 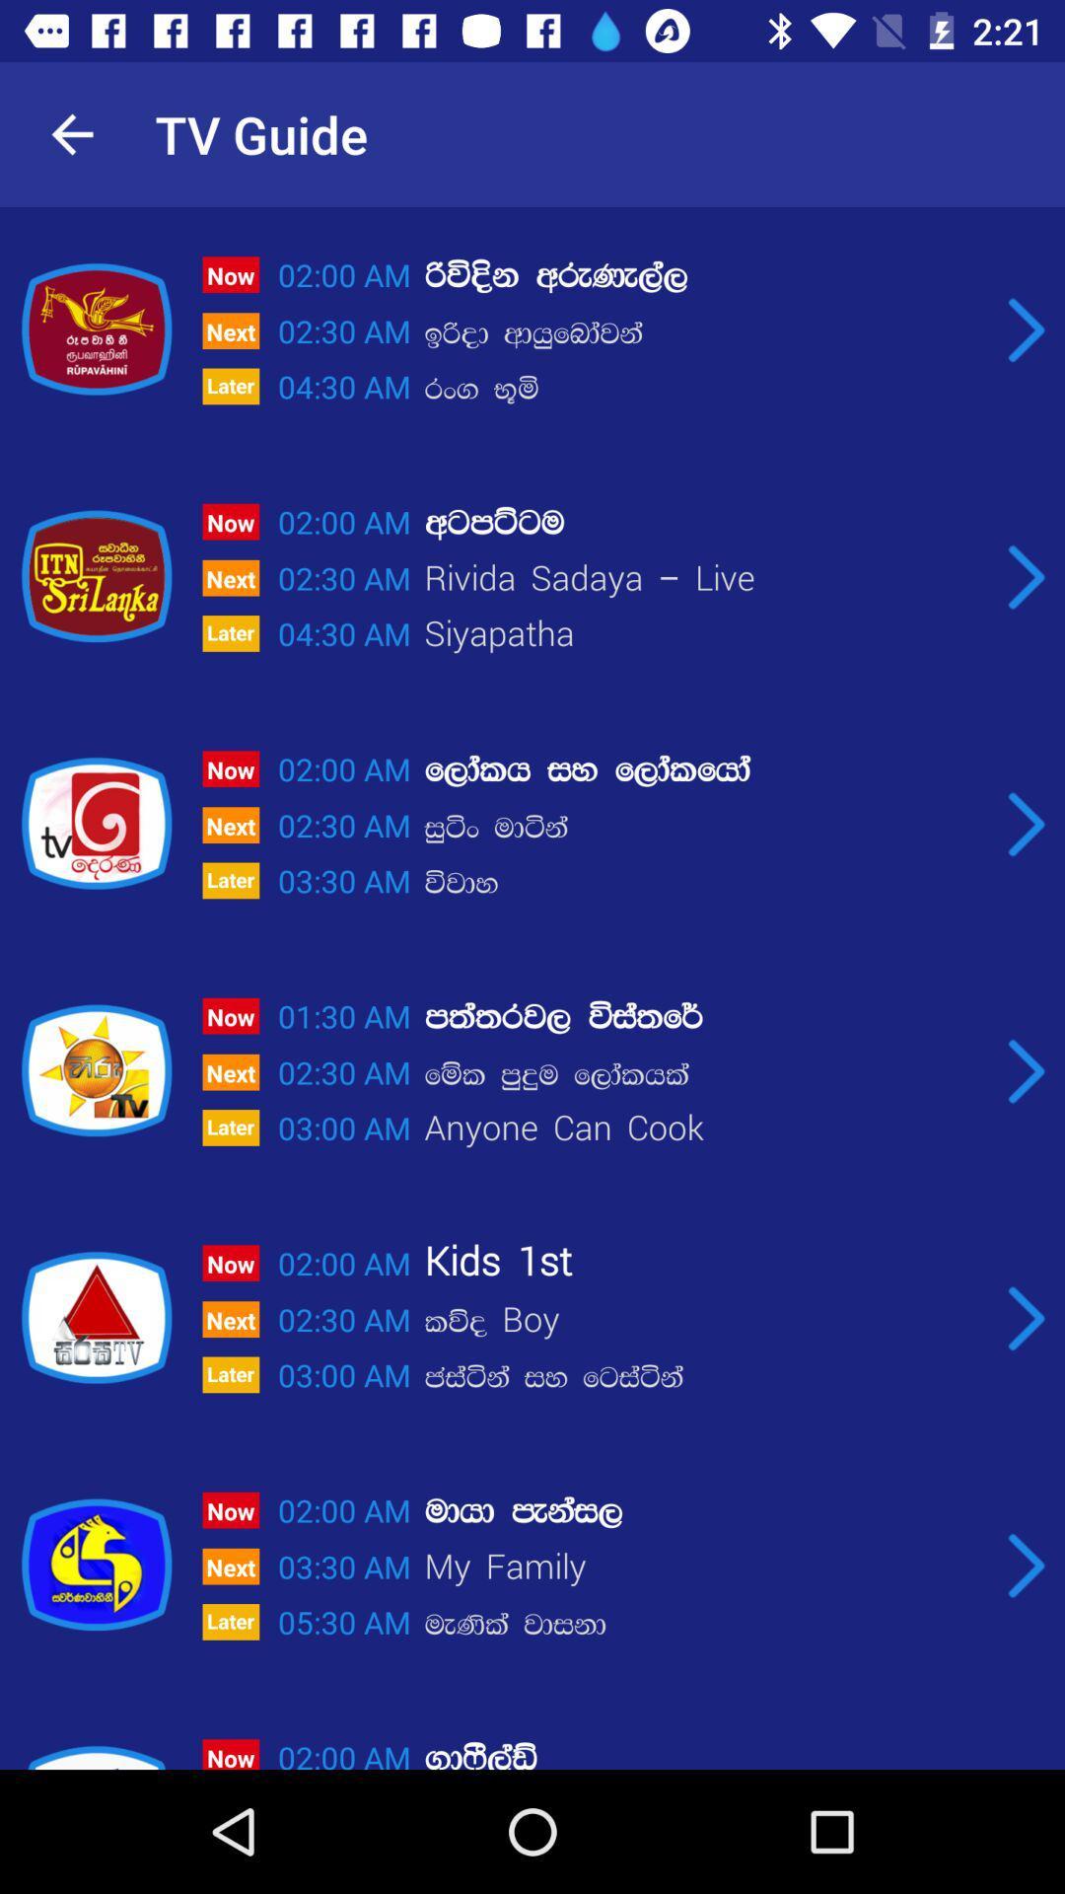 I want to click on the item to the right of 02:30 am item, so click(x=704, y=635).